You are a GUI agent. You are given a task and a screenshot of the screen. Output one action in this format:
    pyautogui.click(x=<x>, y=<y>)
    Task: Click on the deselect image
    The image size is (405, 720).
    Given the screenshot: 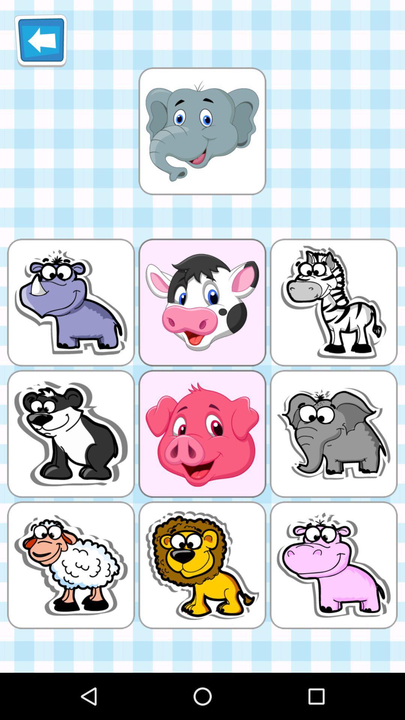 What is the action you would take?
    pyautogui.click(x=202, y=131)
    